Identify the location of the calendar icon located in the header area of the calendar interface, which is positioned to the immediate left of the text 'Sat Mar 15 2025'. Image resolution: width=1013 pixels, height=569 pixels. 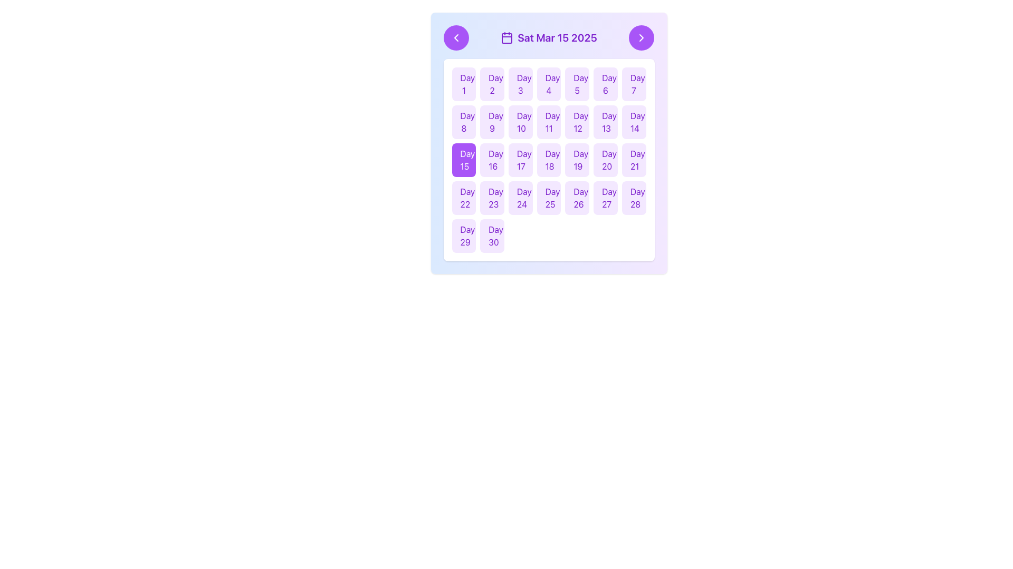
(507, 37).